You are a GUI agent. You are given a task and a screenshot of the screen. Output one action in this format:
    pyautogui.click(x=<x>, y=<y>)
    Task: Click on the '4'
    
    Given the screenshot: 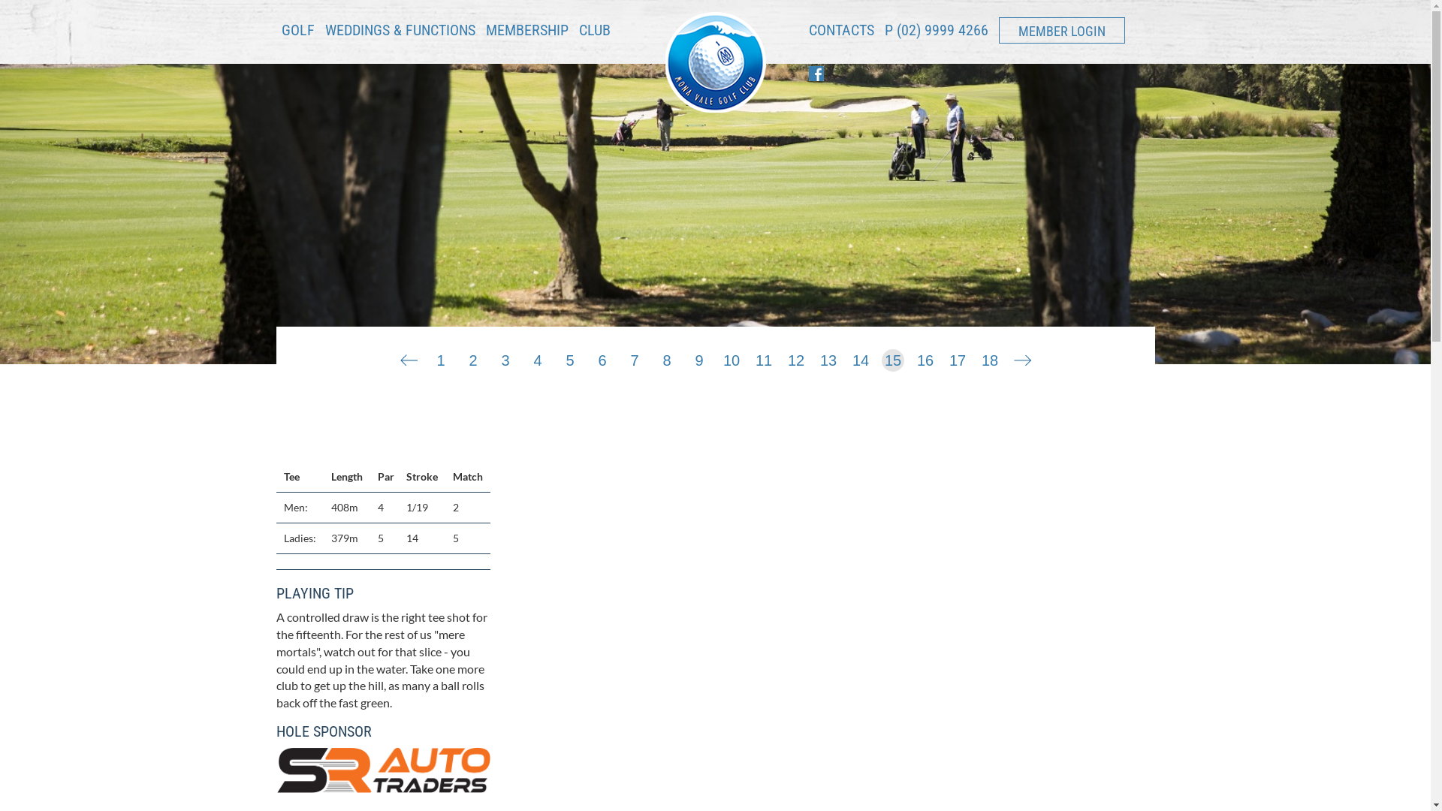 What is the action you would take?
    pyautogui.click(x=537, y=357)
    